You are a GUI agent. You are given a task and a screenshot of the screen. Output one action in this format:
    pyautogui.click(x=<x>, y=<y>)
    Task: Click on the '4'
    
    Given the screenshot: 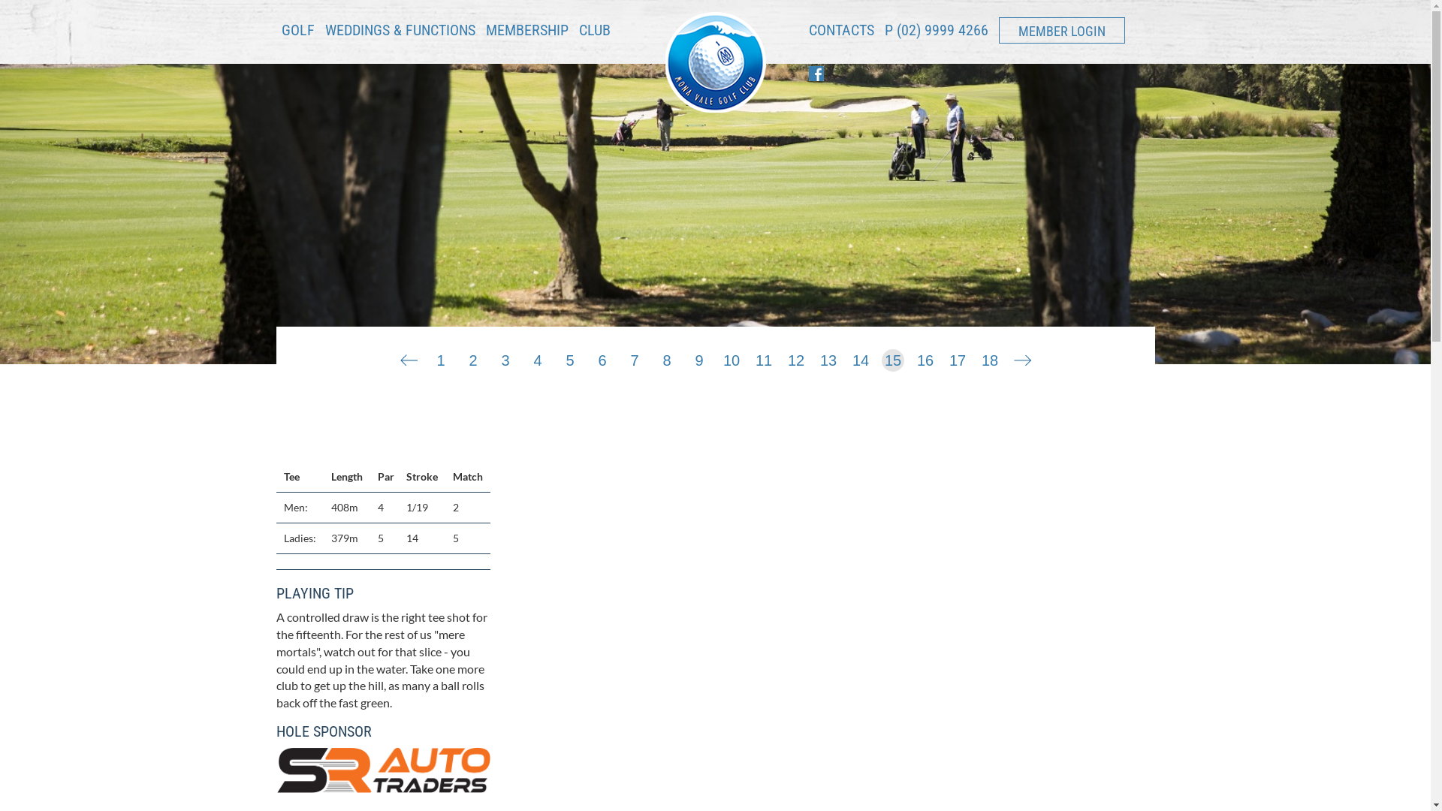 What is the action you would take?
    pyautogui.click(x=537, y=357)
    